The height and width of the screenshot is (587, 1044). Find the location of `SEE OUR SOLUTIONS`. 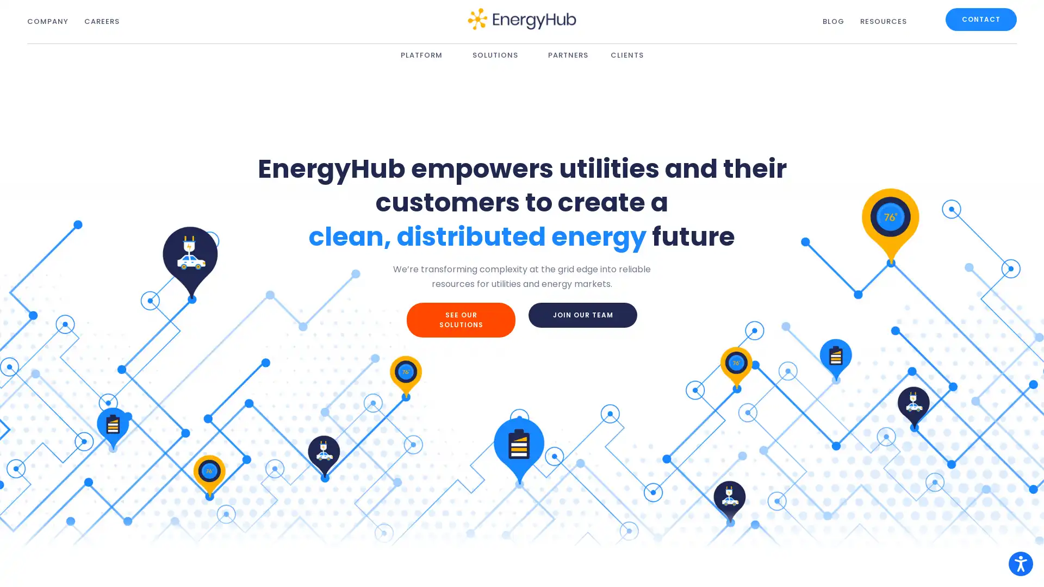

SEE OUR SOLUTIONS is located at coordinates (461, 319).